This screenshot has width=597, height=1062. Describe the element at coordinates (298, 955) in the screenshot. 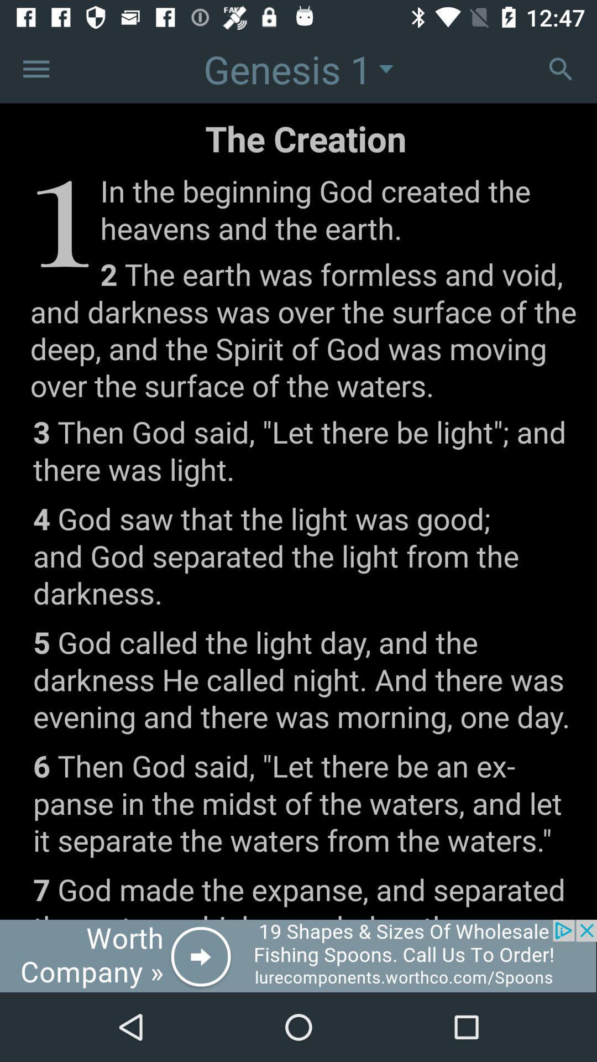

I see `open advertisement` at that location.